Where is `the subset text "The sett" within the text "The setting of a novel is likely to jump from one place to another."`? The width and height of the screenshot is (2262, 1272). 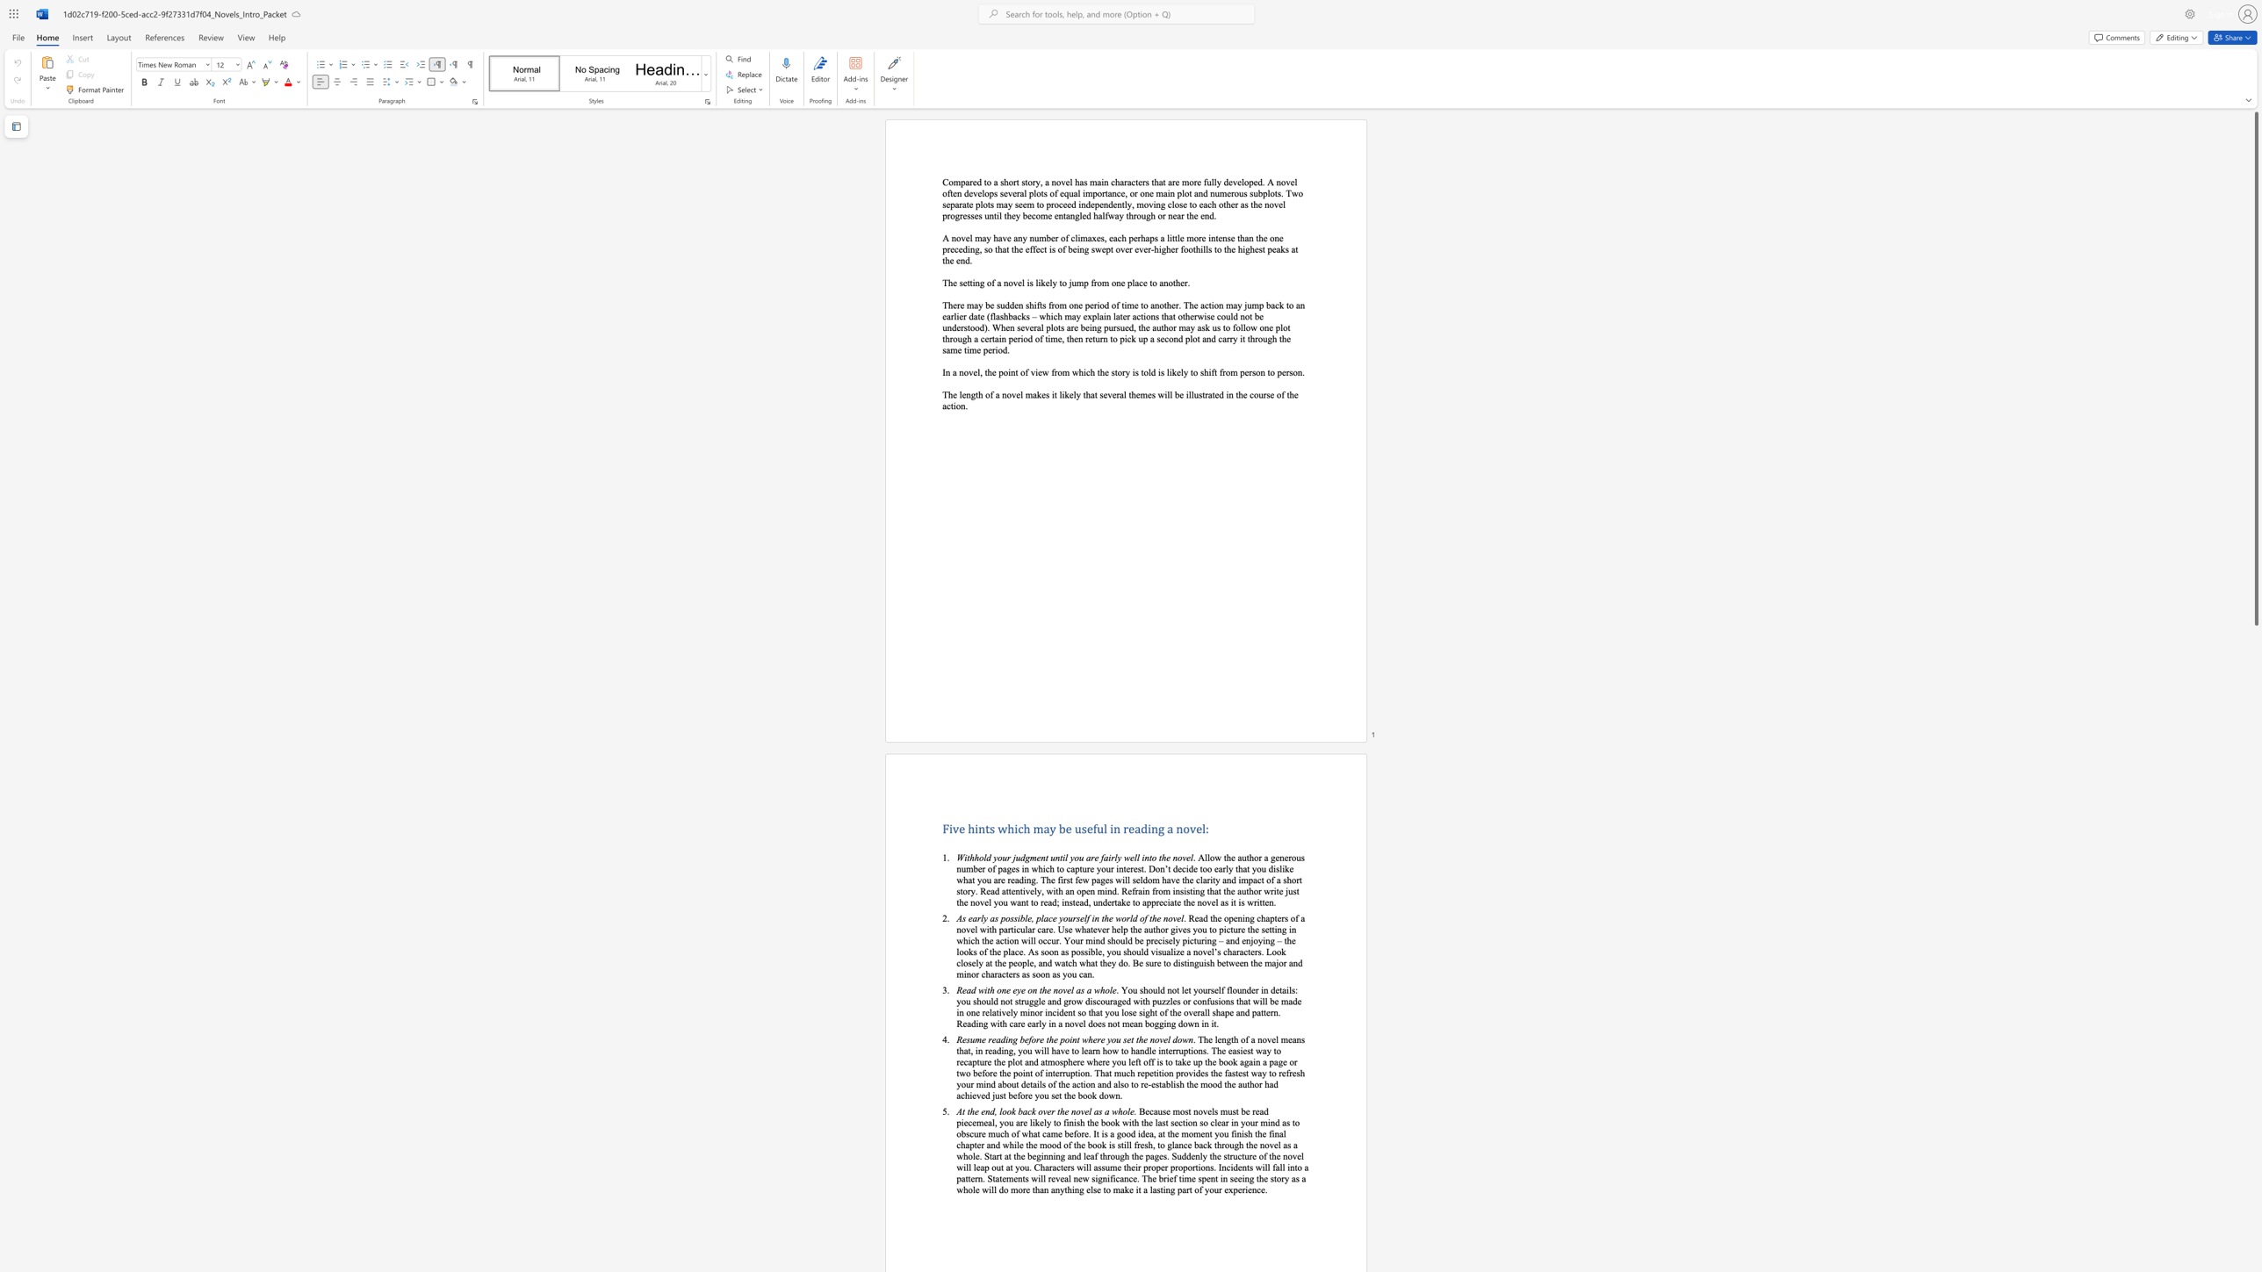 the subset text "The sett" within the text "The setting of a novel is likely to jump from one place to another." is located at coordinates (942, 282).